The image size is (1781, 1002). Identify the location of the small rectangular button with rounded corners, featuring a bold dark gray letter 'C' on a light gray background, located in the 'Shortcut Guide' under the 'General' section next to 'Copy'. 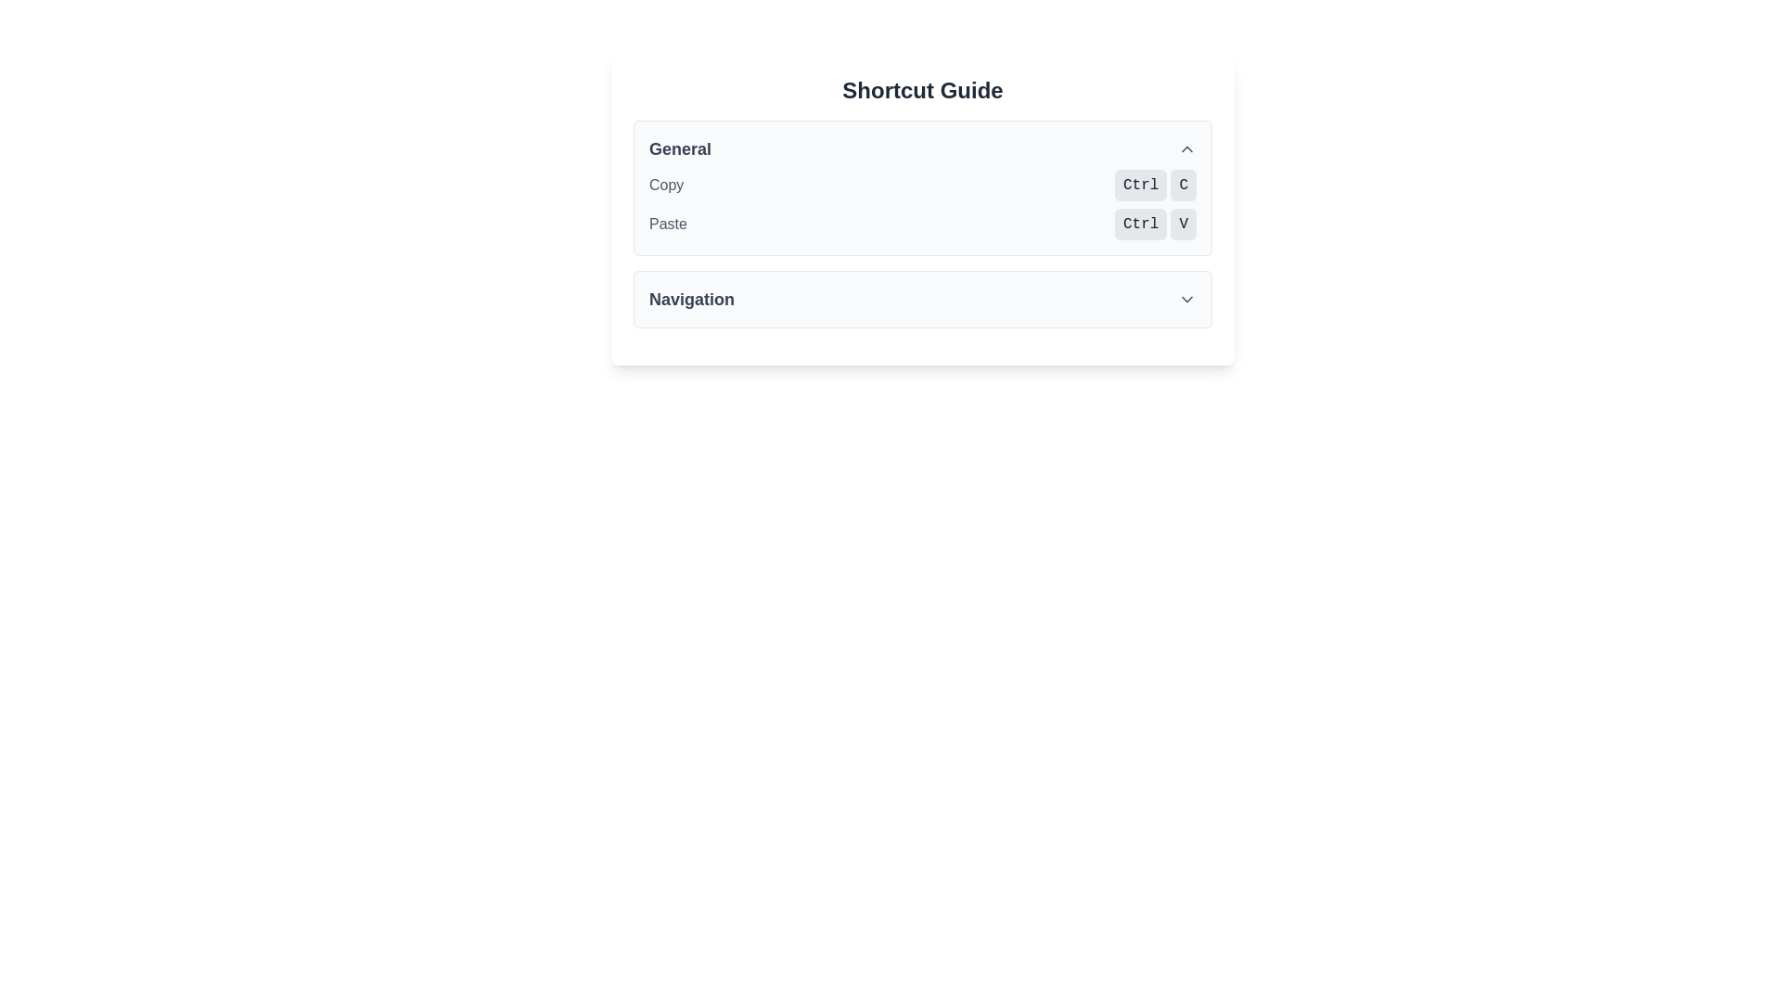
(1183, 186).